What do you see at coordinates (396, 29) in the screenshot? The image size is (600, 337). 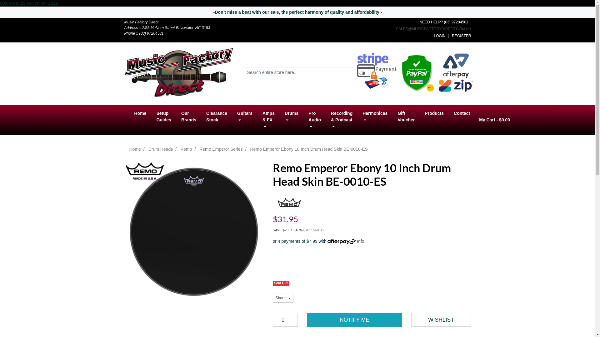 I see `'SALES@MUSICFACTORYDIRECT.COM.AU'` at bounding box center [396, 29].